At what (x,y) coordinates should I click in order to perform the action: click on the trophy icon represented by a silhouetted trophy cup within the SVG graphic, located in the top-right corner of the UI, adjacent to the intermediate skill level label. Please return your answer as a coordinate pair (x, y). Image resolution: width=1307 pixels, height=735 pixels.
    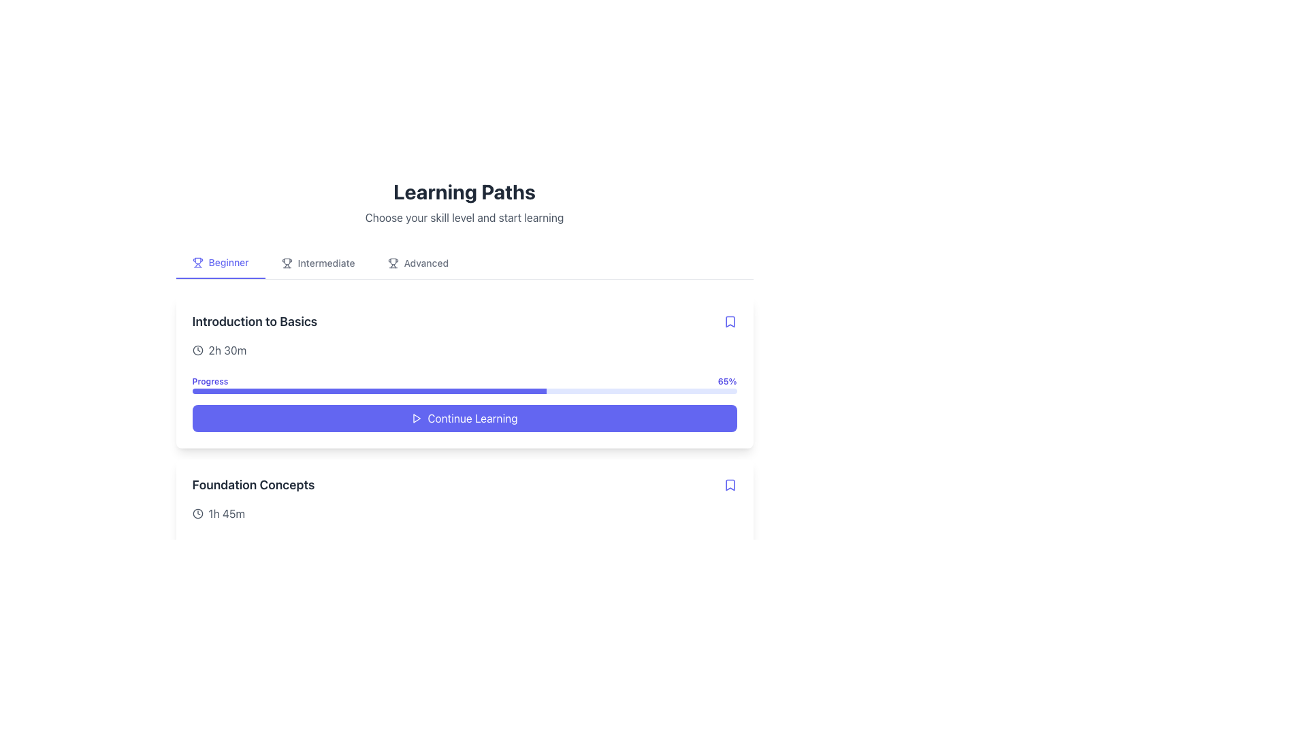
    Looking at the image, I should click on (286, 261).